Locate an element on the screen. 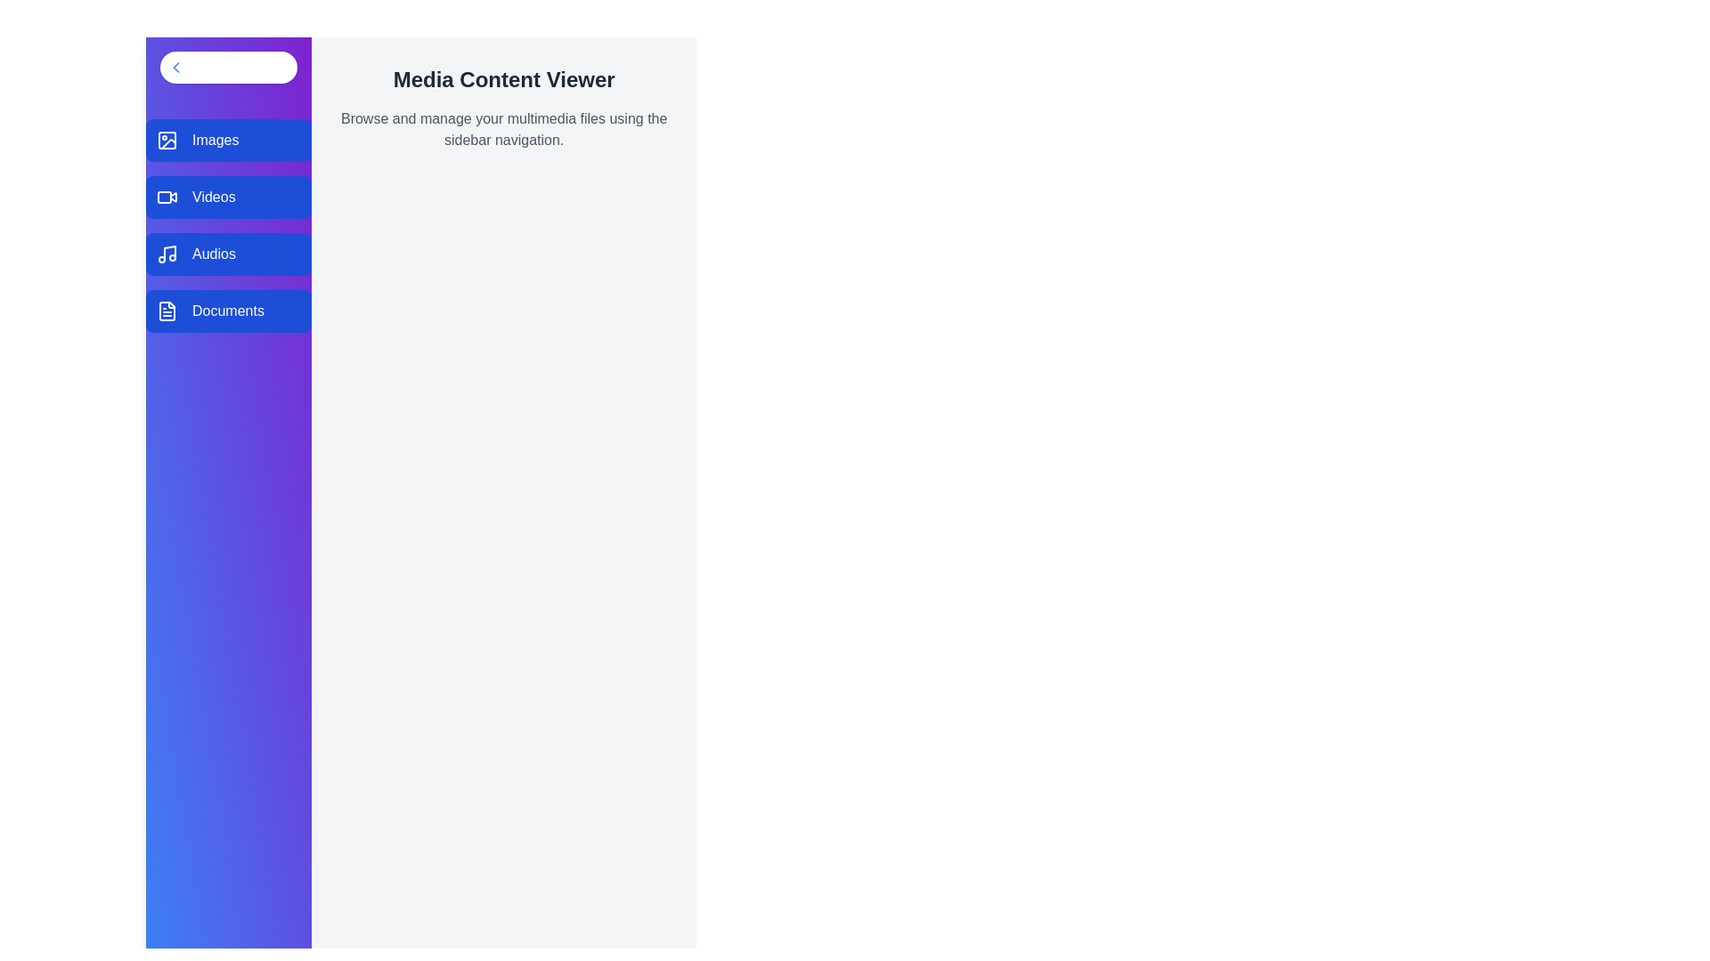 Image resolution: width=1710 pixels, height=961 pixels. the sidebar option corresponding to Documents is located at coordinates (228, 311).